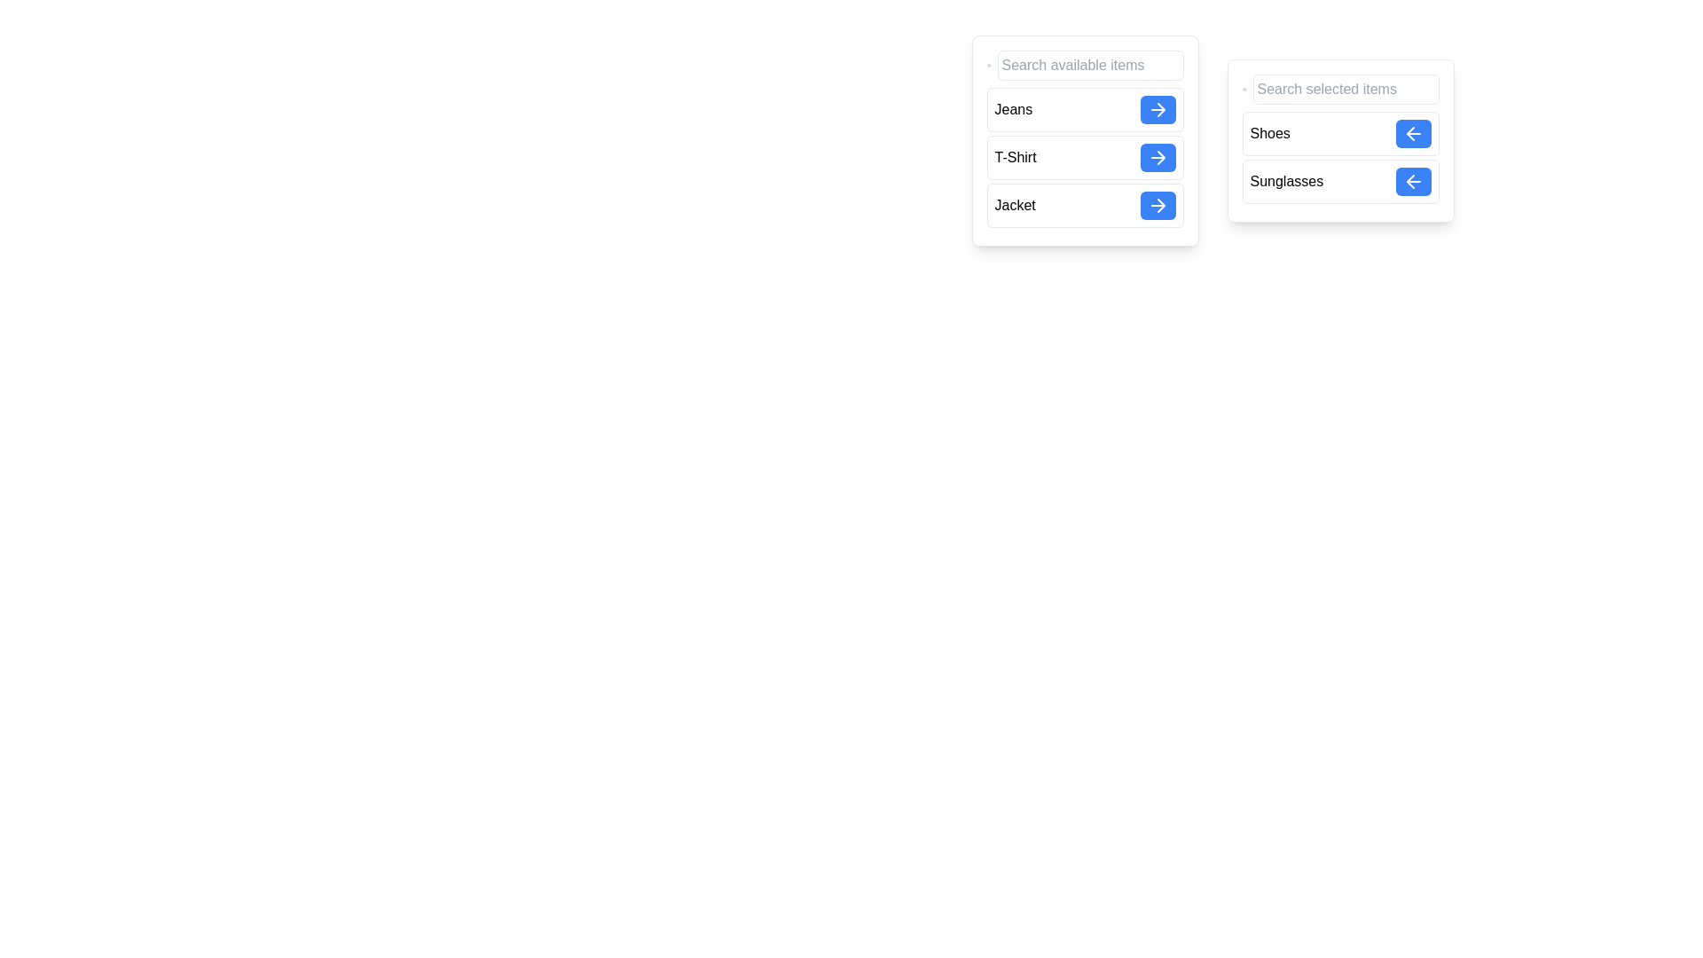  I want to click on the item associated with the arrow icon located on the rightmost position of the third row in the list of available items, which is aligned with the 'Jacket' label, so click(1161, 204).